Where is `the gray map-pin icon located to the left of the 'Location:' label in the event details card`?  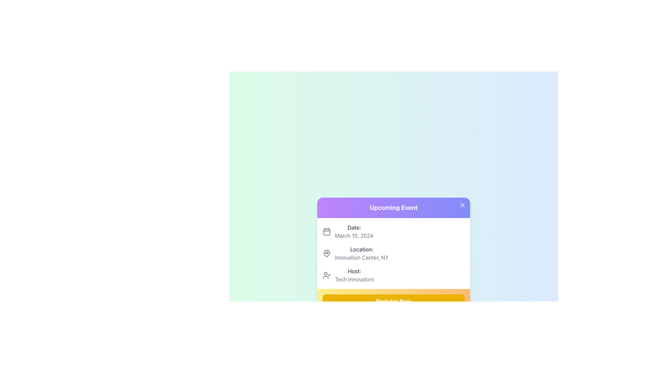 the gray map-pin icon located to the left of the 'Location:' label in the event details card is located at coordinates (326, 254).